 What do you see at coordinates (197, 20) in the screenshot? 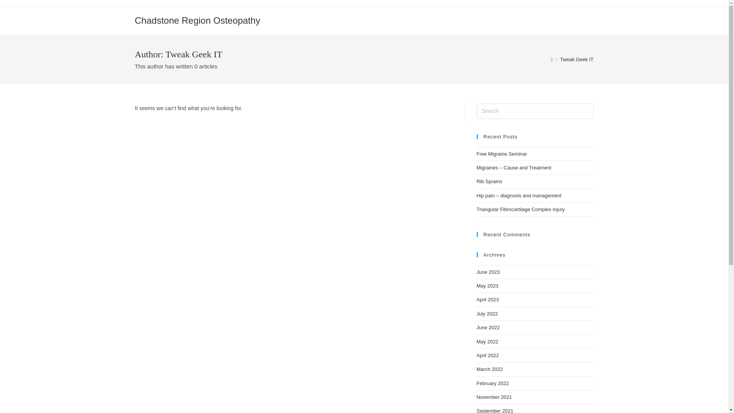
I see `'Chadstone Region Osteopathy'` at bounding box center [197, 20].